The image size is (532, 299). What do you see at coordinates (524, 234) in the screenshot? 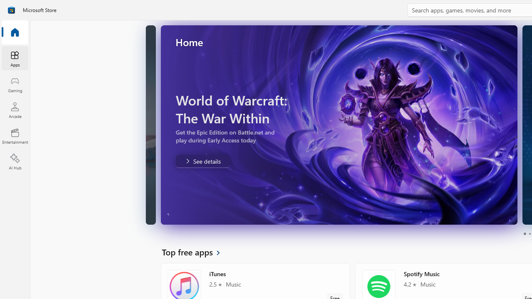
I see `'Page 1'` at bounding box center [524, 234].